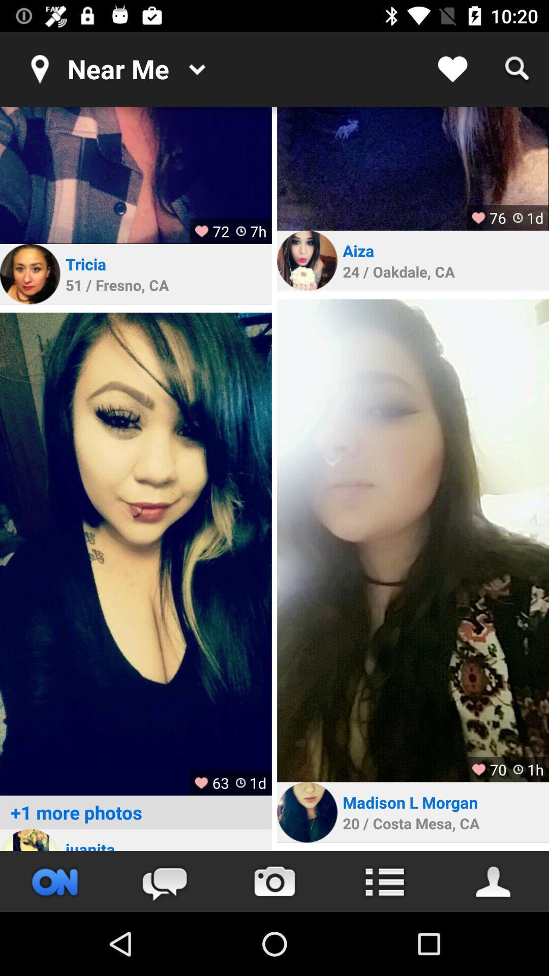  Describe the element at coordinates (413, 540) in the screenshot. I see `profile` at that location.